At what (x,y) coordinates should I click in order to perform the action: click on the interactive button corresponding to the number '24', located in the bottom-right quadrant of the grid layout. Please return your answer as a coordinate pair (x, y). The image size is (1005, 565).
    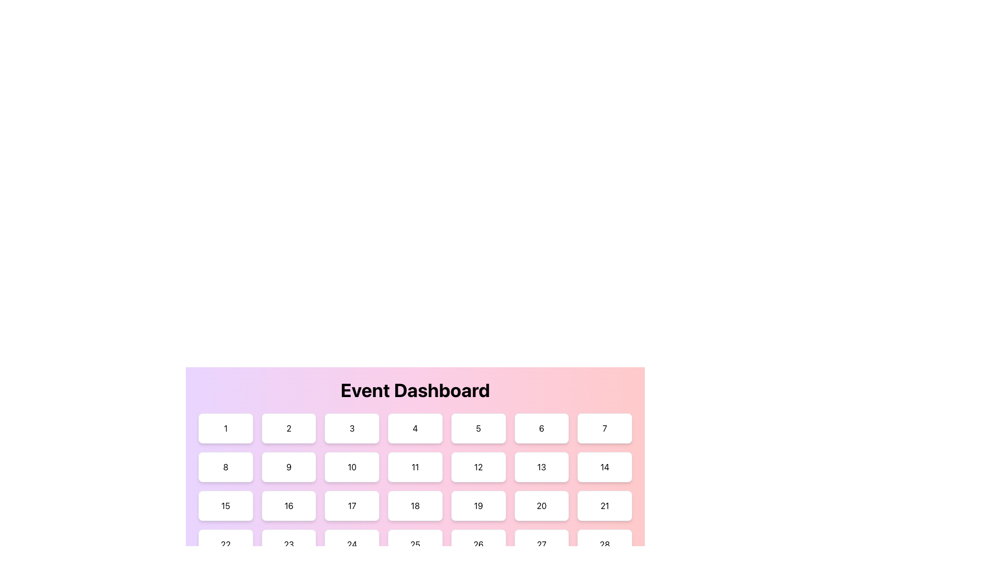
    Looking at the image, I should click on (352, 544).